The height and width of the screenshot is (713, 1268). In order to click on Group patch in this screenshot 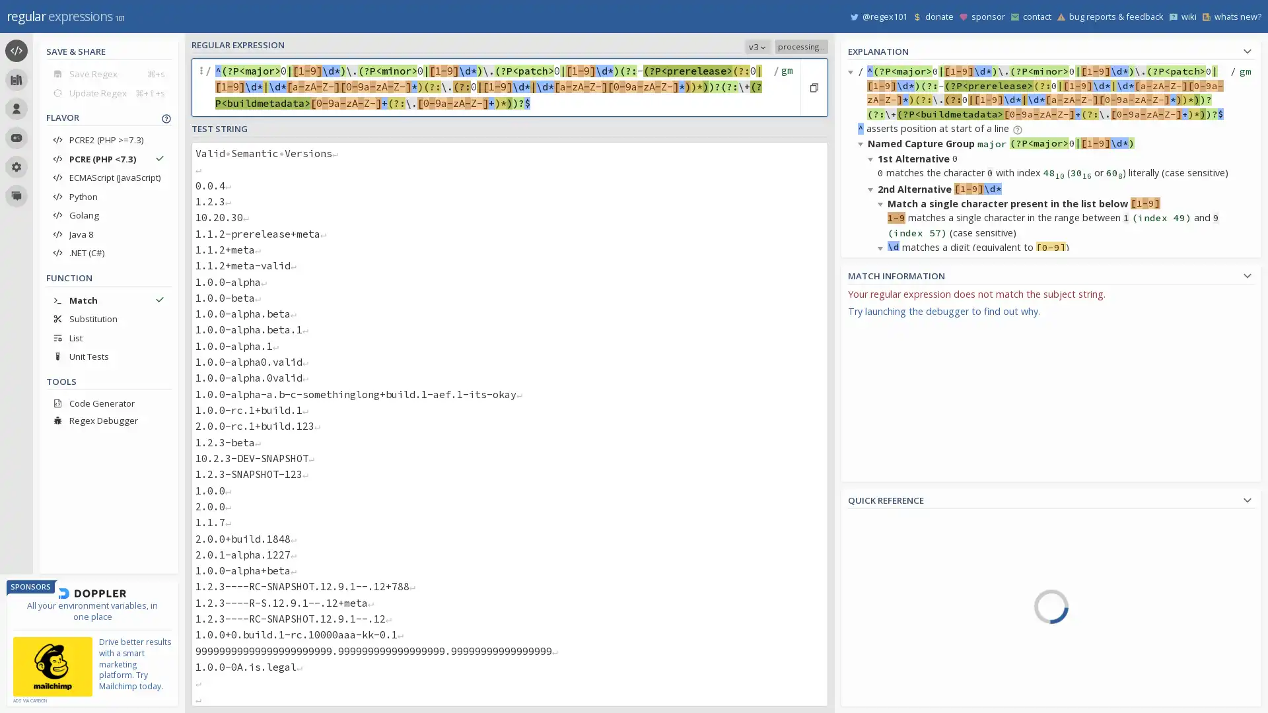, I will do `click(883, 592)`.